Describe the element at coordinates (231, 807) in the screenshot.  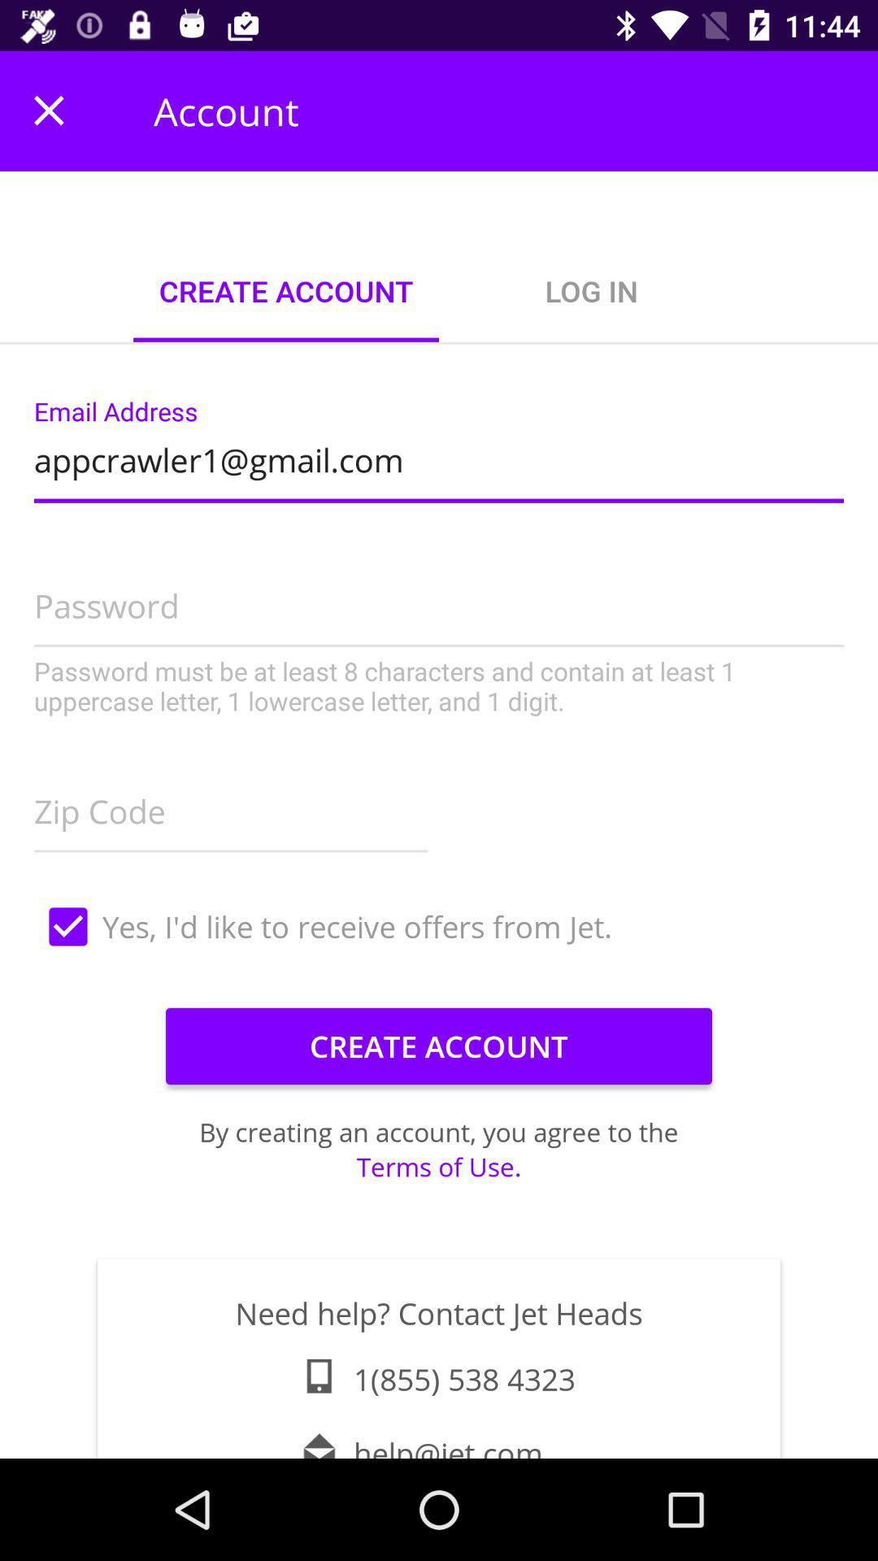
I see `zip code` at that location.